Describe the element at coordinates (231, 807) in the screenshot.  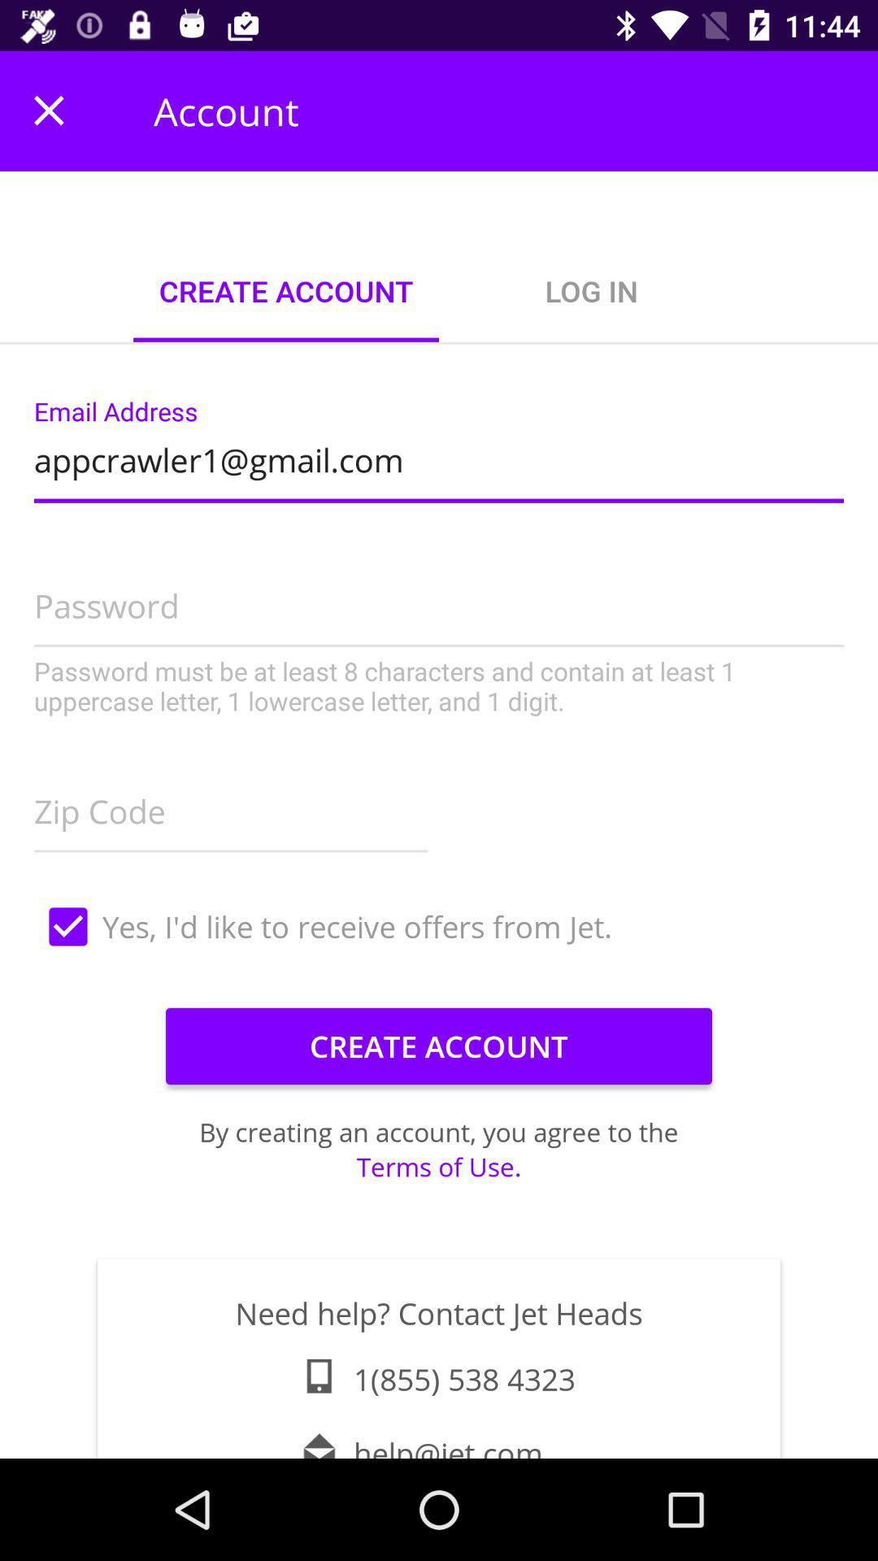
I see `zip code` at that location.